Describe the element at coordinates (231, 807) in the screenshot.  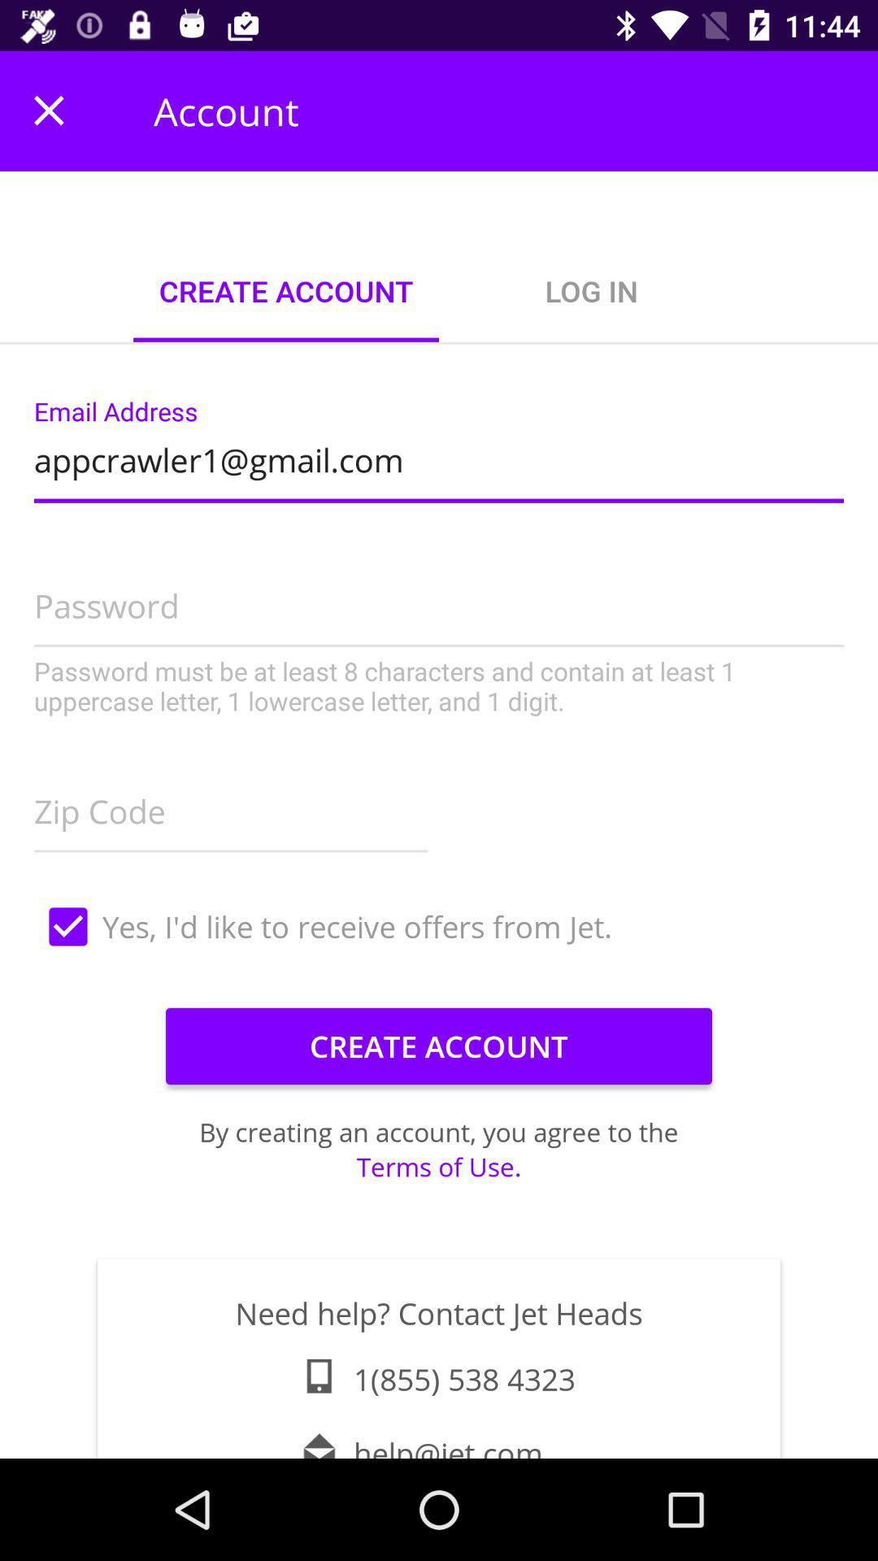
I see `zip code` at that location.